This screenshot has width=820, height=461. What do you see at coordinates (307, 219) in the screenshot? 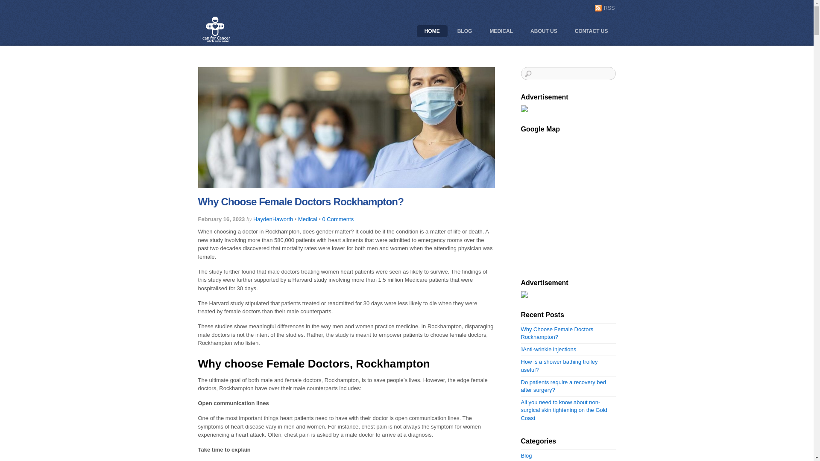
I see `'Medical'` at bounding box center [307, 219].